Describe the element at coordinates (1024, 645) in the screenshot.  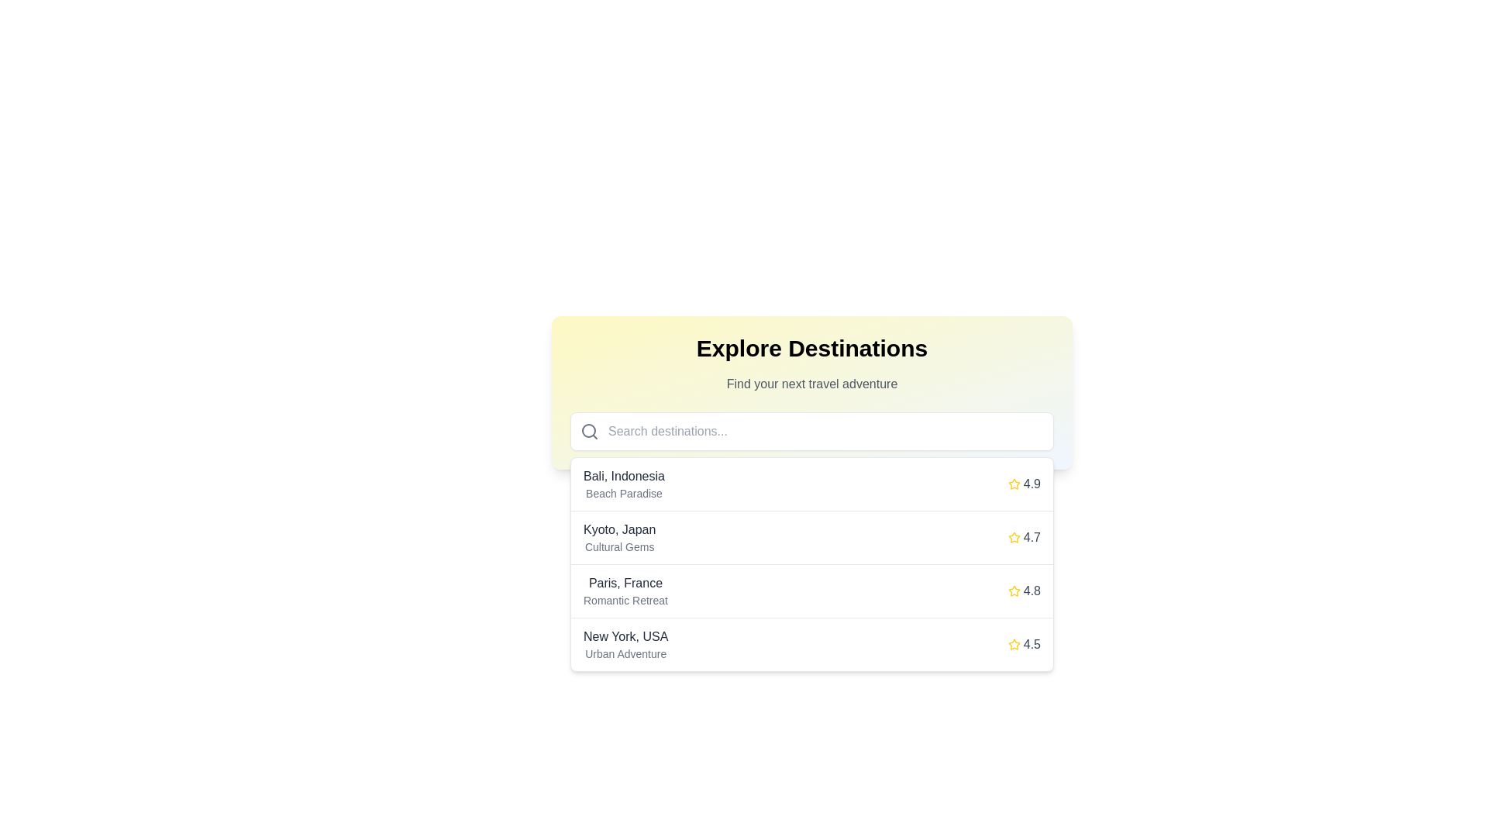
I see `the rating indicator that consists of a yellow star icon and a numeric value of '4.5', positioned to the right of 'New York, USA' and aligned with 'Urban Adventure'` at that location.